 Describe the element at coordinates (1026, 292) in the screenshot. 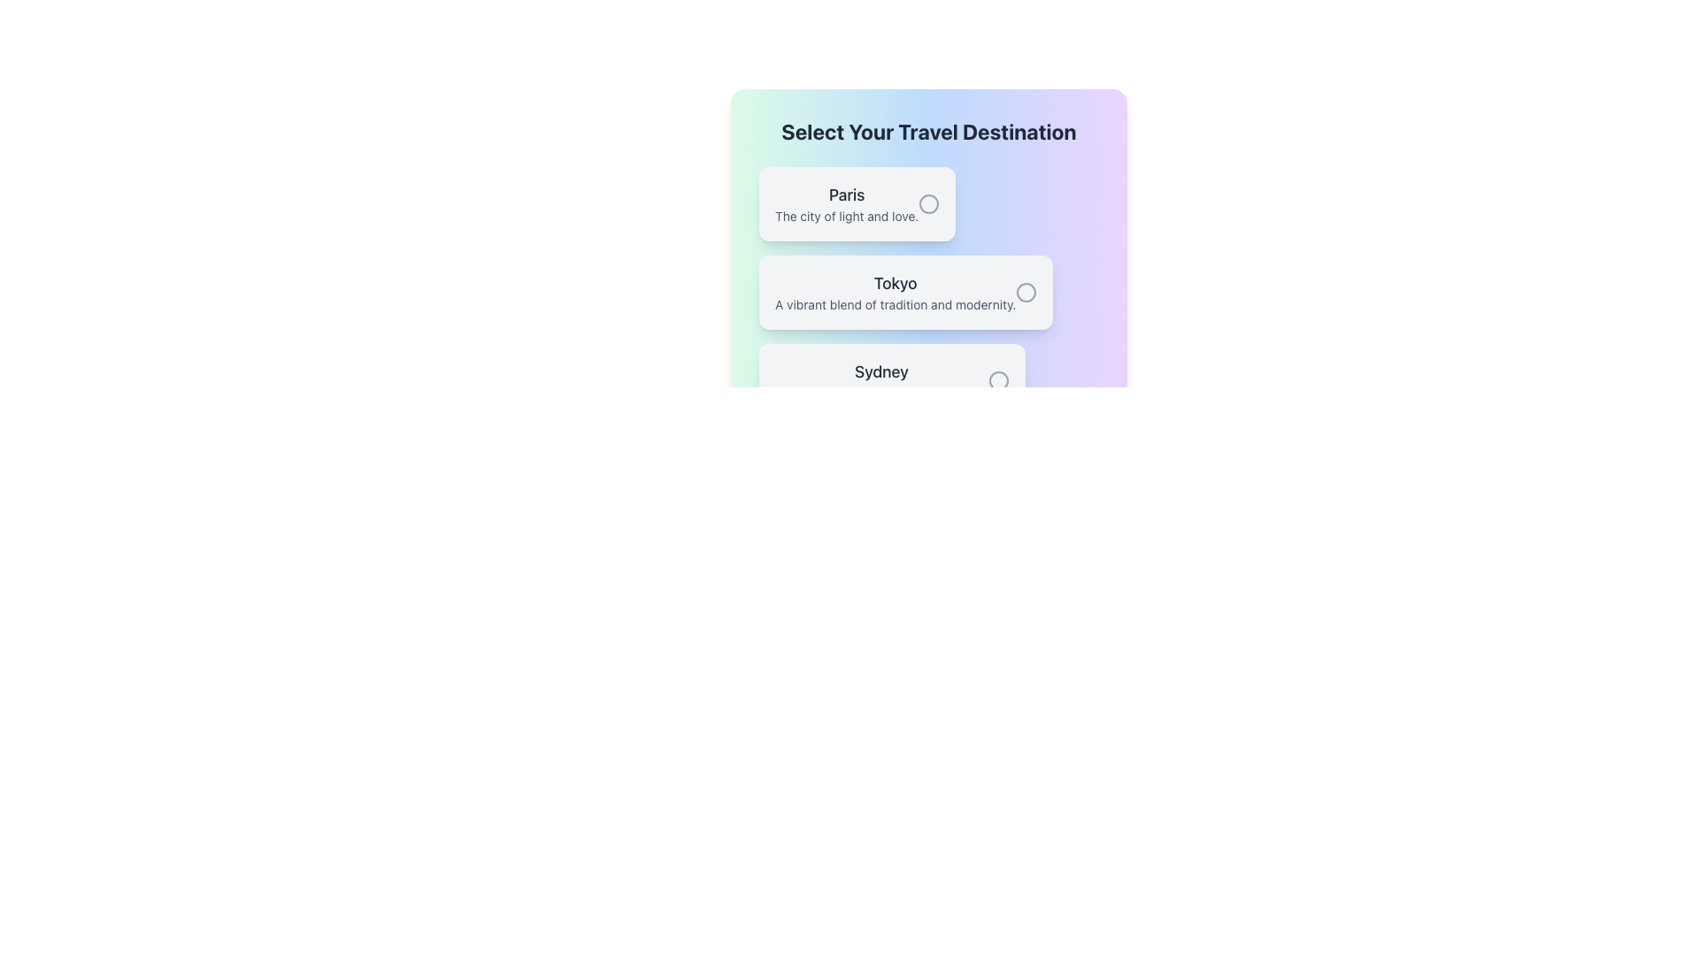

I see `the circular radio button with a grey outline located to the right of the text block describing 'Tokyo'` at that location.